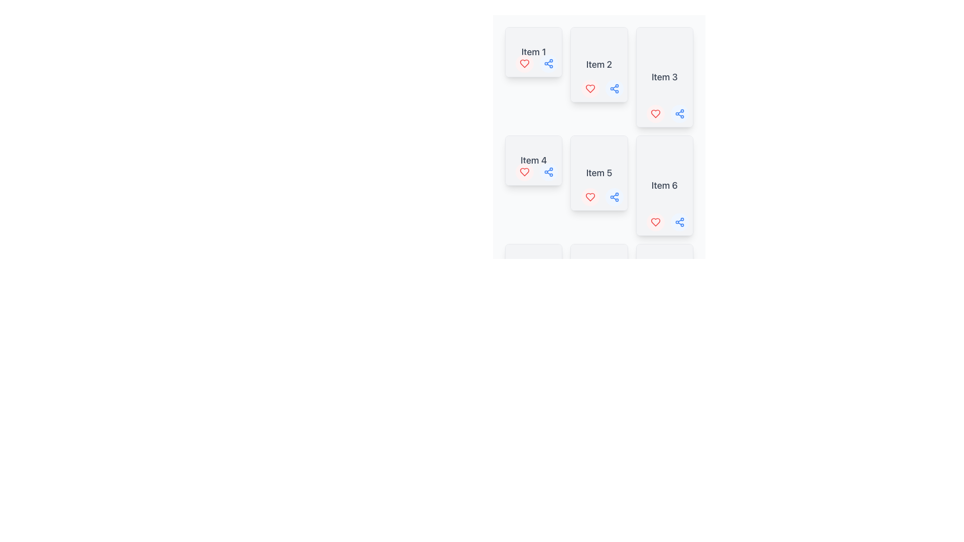  What do you see at coordinates (664, 186) in the screenshot?
I see `the text label displaying 'Item 6' which is centered within a light-gray box in the third column of the second row of the grid layout` at bounding box center [664, 186].